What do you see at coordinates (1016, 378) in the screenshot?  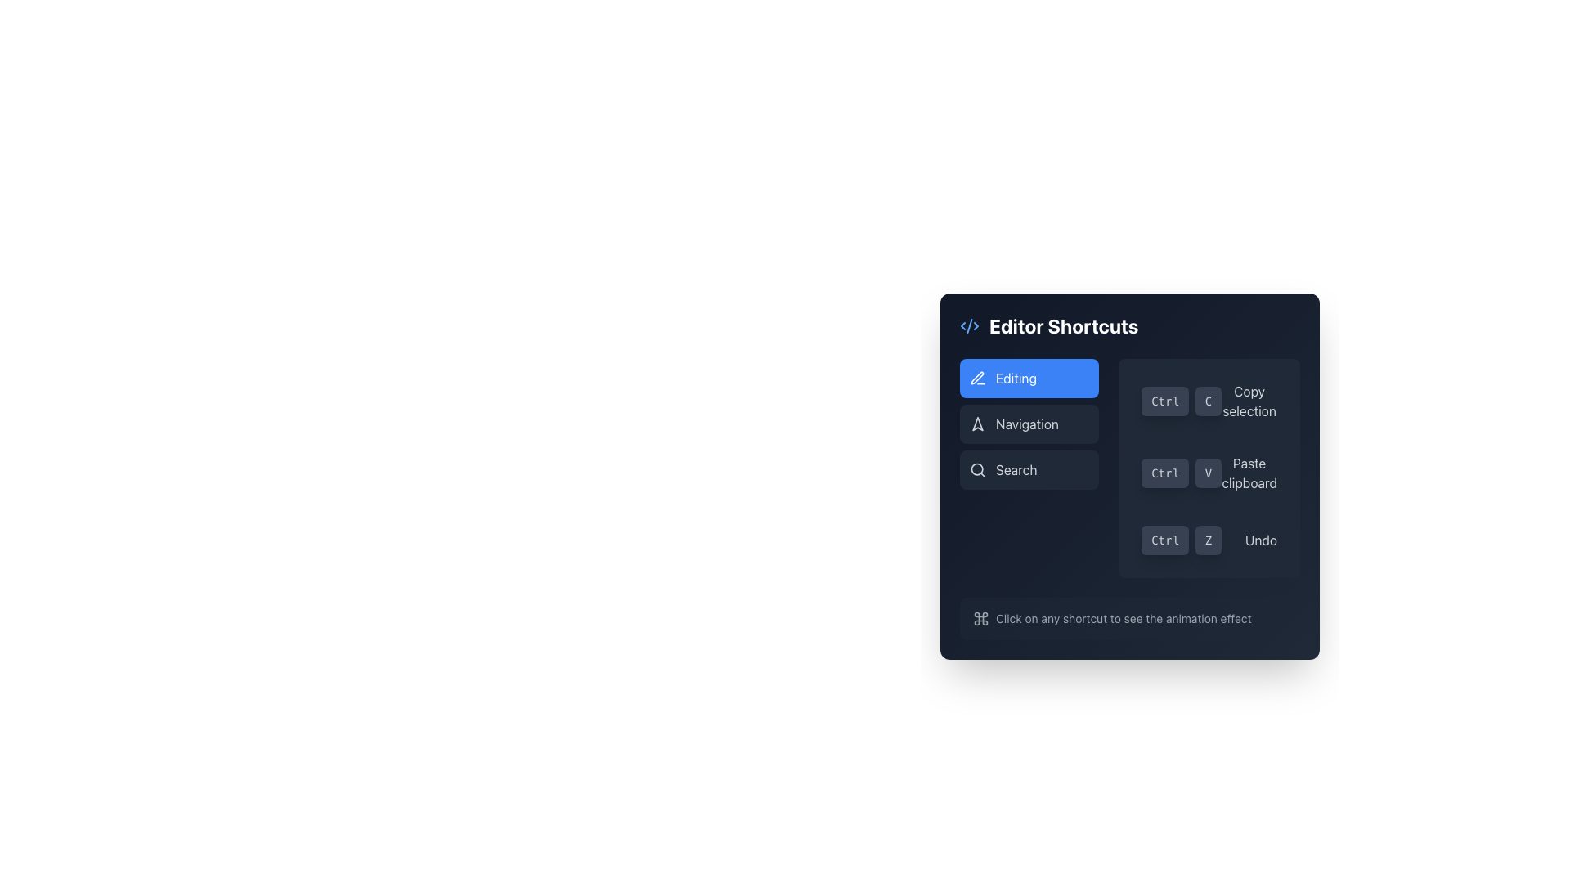 I see `the 'Editing' label with a pen icon in the 'Editor Shortcuts' section` at bounding box center [1016, 378].